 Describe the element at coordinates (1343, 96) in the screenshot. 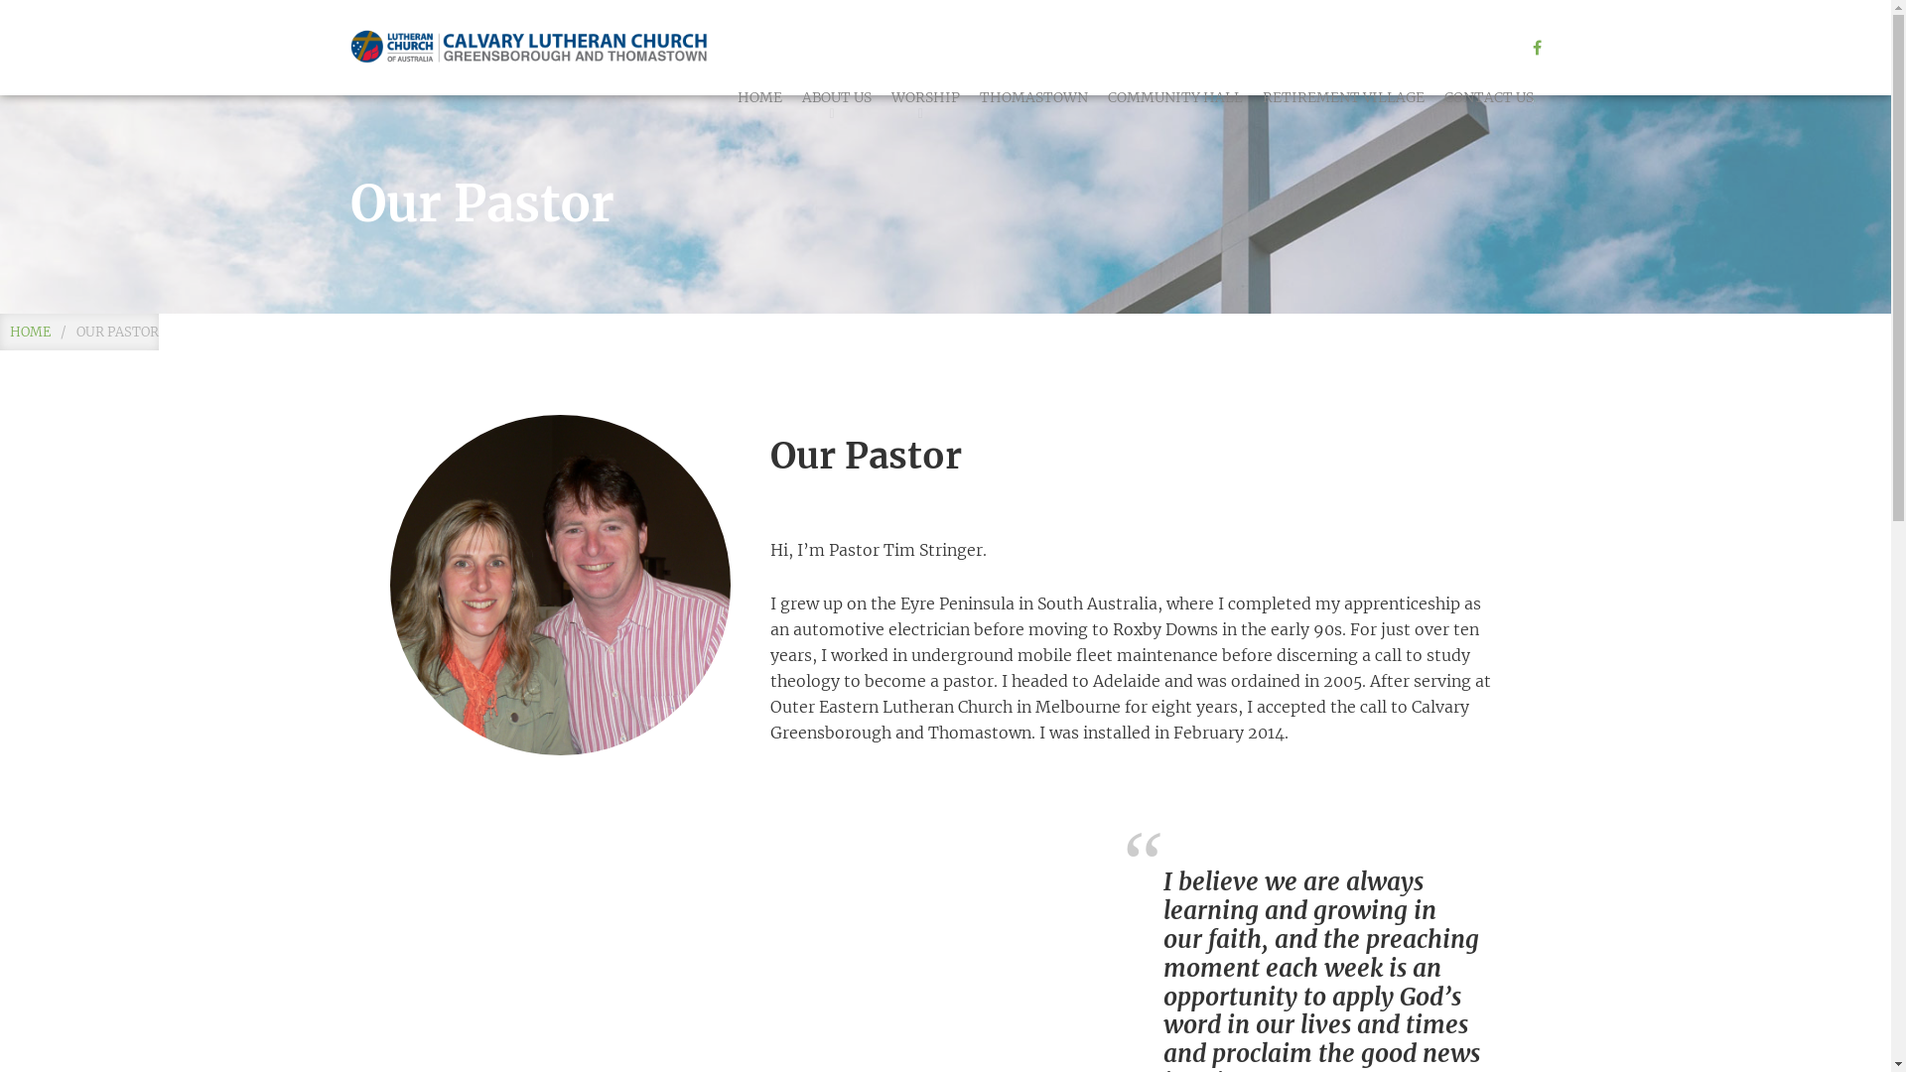

I see `'RETIREMENT VILLAGE'` at that location.